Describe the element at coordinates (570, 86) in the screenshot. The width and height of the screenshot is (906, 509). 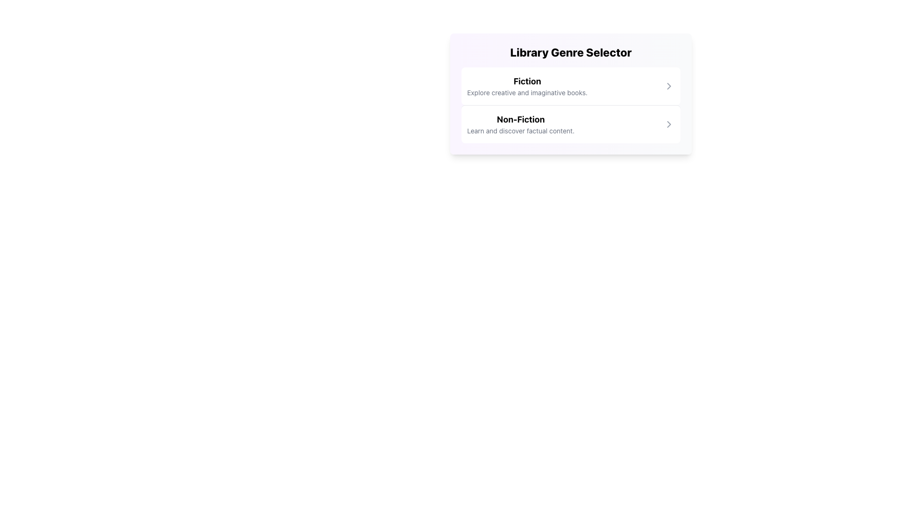
I see `the List Item Button related to the Fiction genre` at that location.